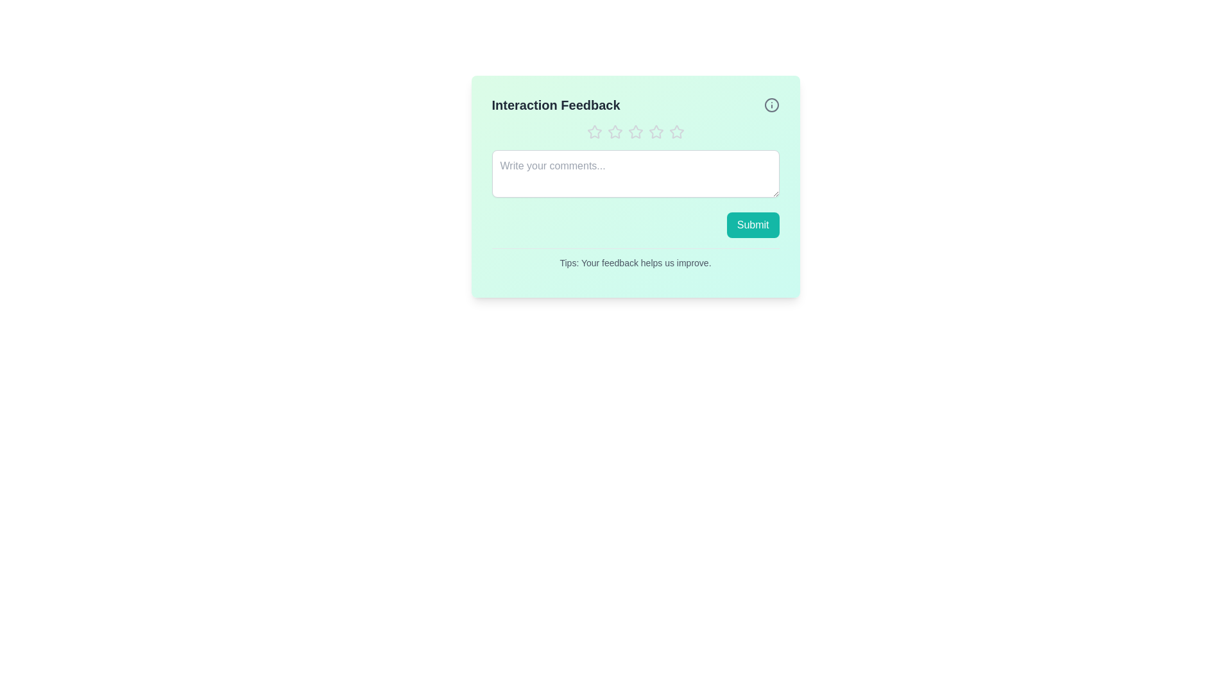 The height and width of the screenshot is (693, 1232). Describe the element at coordinates (676, 132) in the screenshot. I see `the star corresponding to the desired rating 5` at that location.